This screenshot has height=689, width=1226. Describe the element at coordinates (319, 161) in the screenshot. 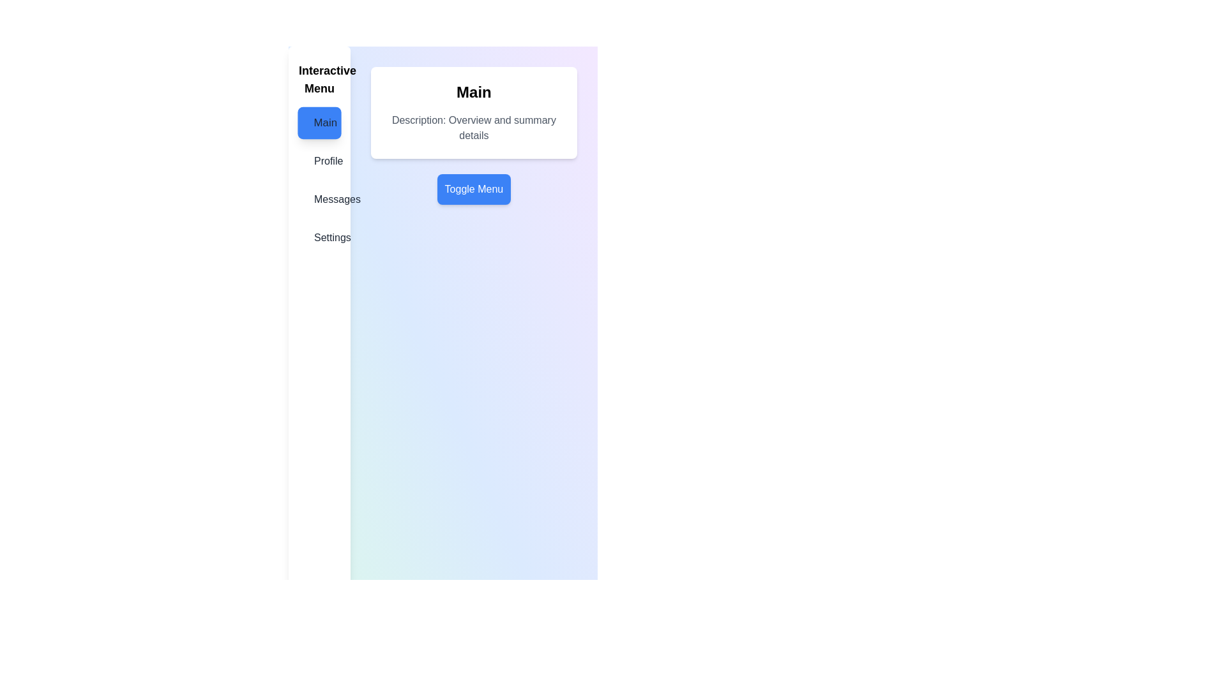

I see `the menu item Profile from the menu` at that location.